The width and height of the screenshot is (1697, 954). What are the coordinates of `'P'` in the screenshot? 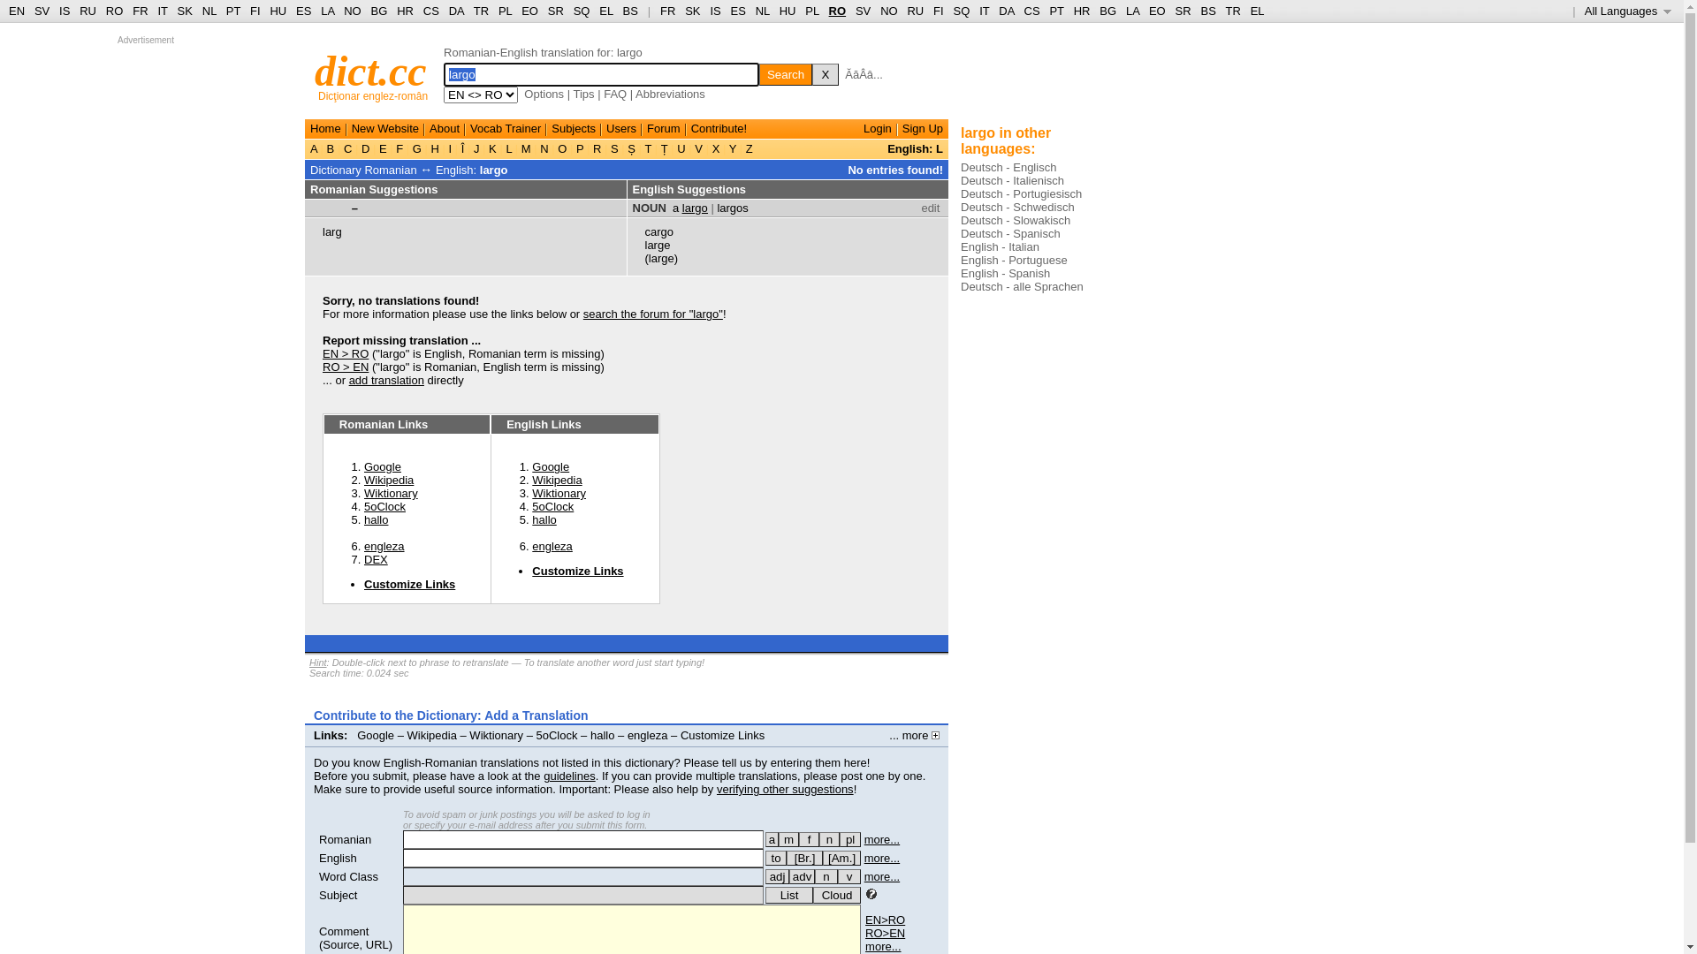 It's located at (580, 148).